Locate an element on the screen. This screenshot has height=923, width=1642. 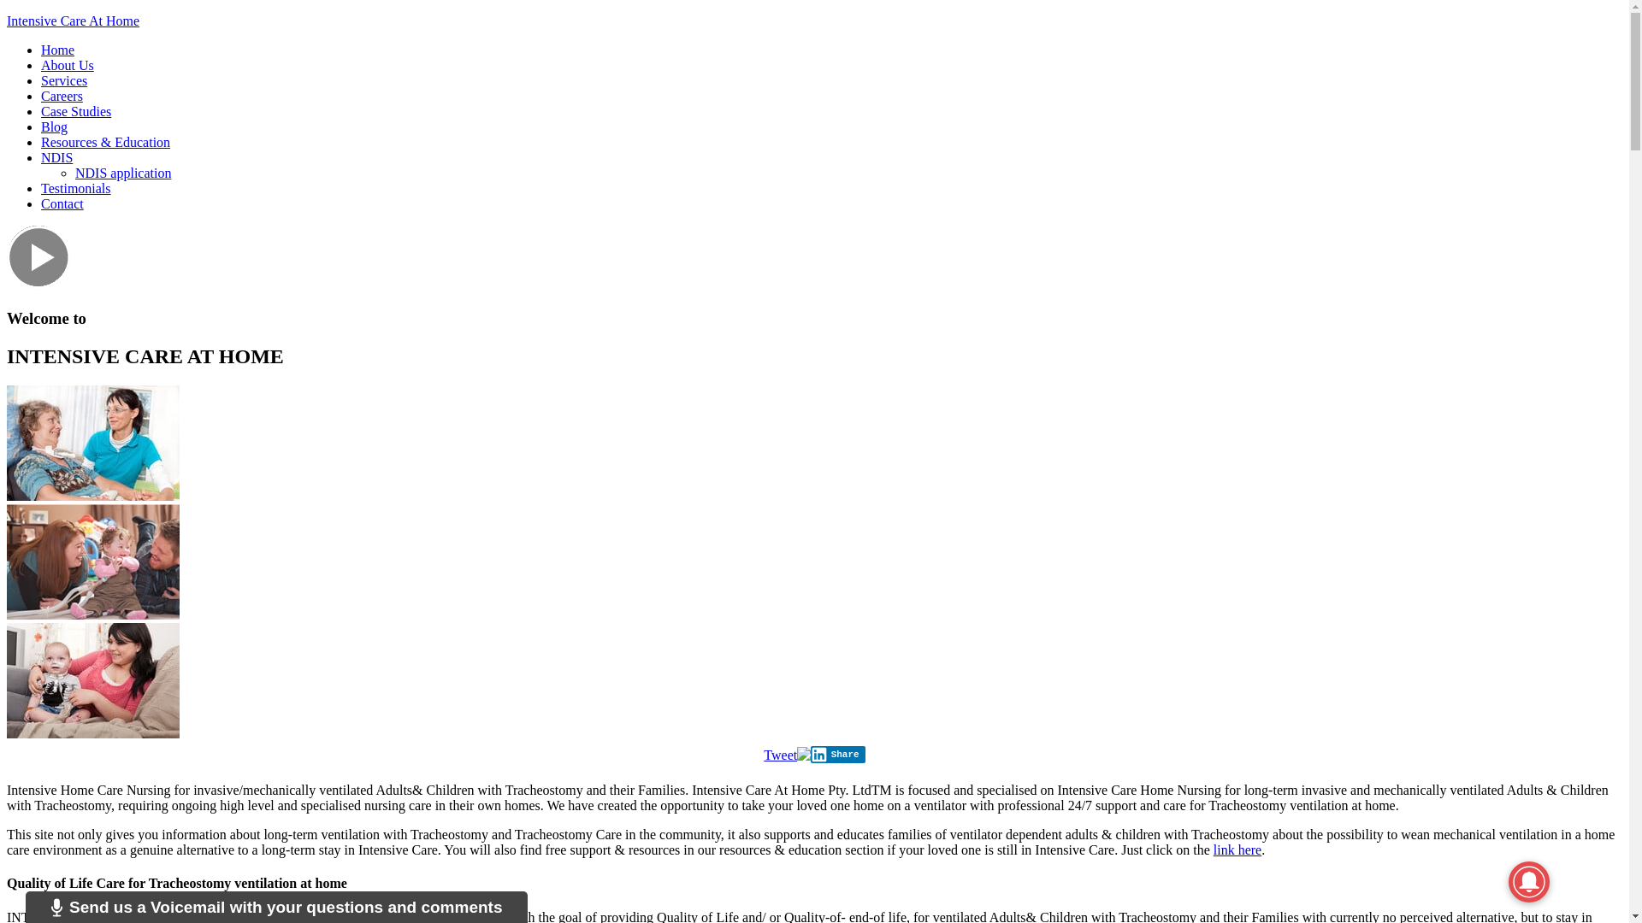
'Blog' is located at coordinates (54, 126).